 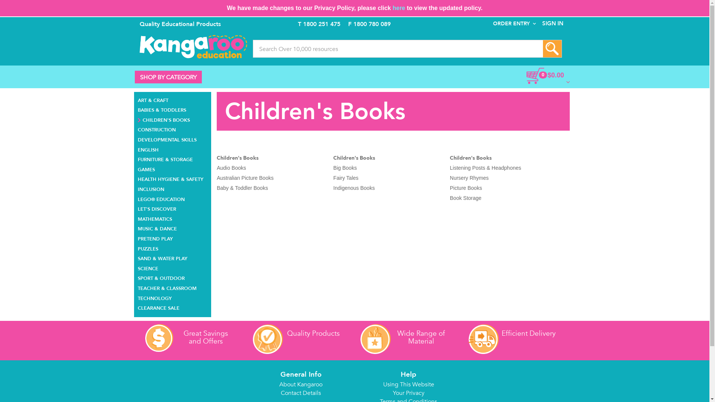 I want to click on 'ORDER ENTRY', so click(x=514, y=23).